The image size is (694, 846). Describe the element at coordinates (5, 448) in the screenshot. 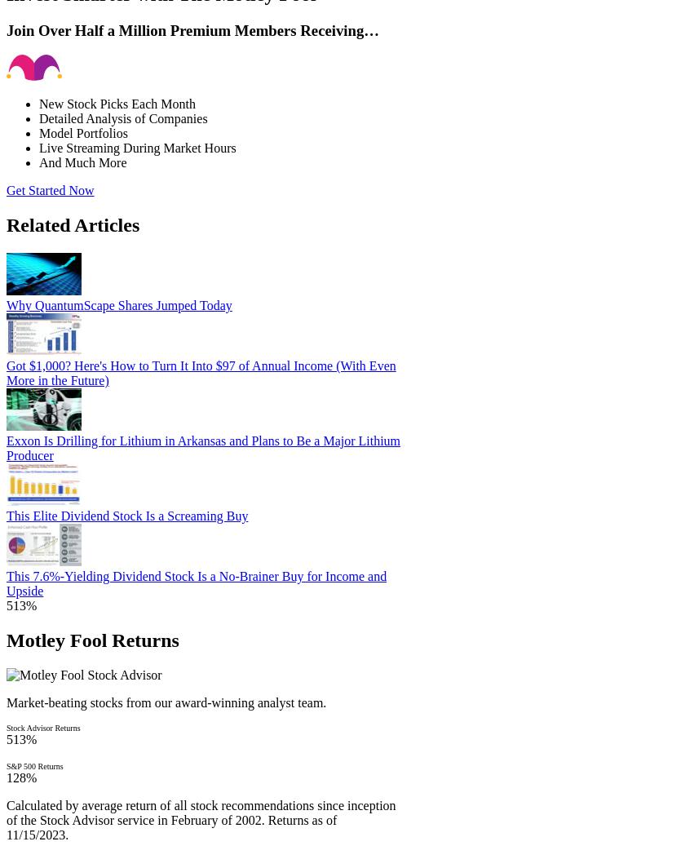

I see `'Exxon Is Drilling for Lithium in Arkansas and Plans to Be a Major Lithium Producer'` at that location.